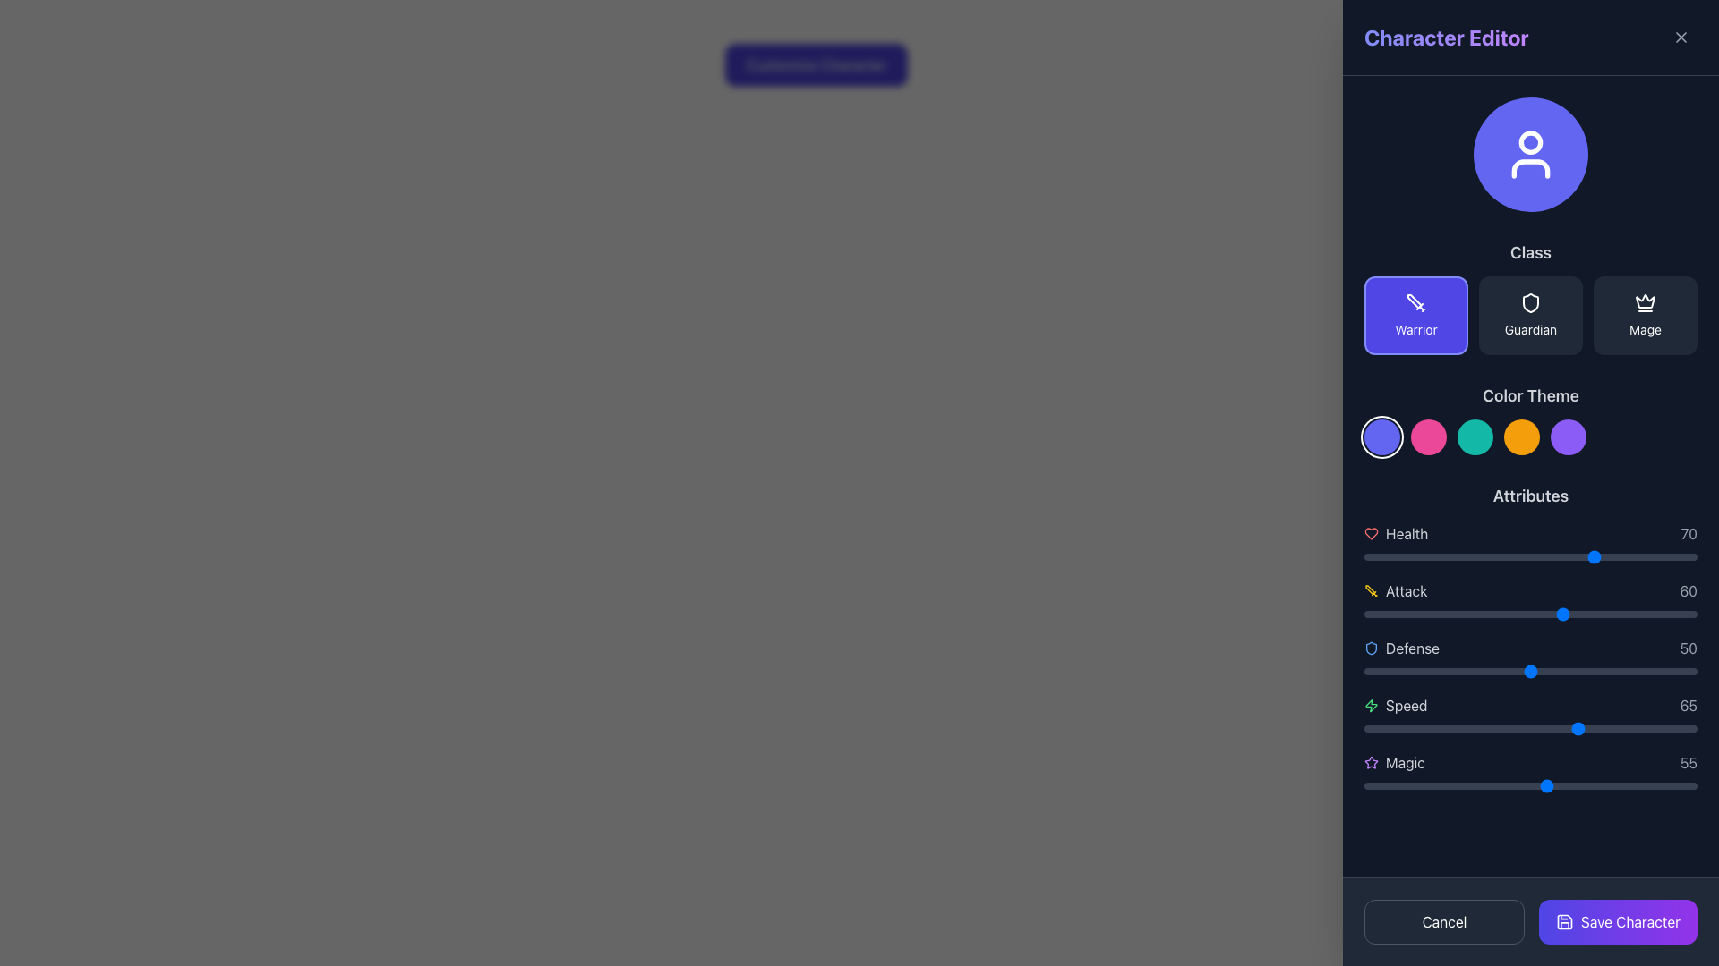 The image size is (1719, 966). Describe the element at coordinates (1594, 613) in the screenshot. I see `the Attack attribute` at that location.